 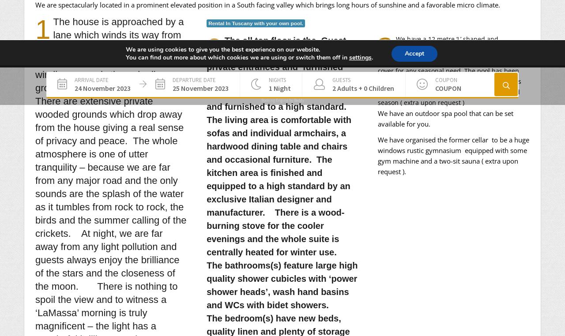 I want to click on 'Accept', so click(x=414, y=53).